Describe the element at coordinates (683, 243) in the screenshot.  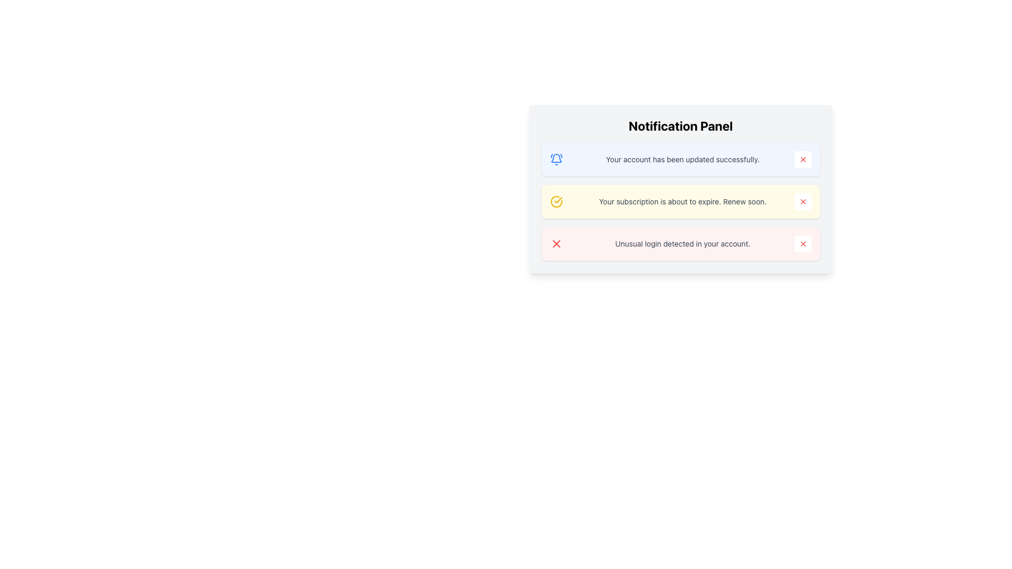
I see `information displayed in the alert box with the gray text 'Unusual login detected in your account.' located in the third notification box of the notification panel` at that location.